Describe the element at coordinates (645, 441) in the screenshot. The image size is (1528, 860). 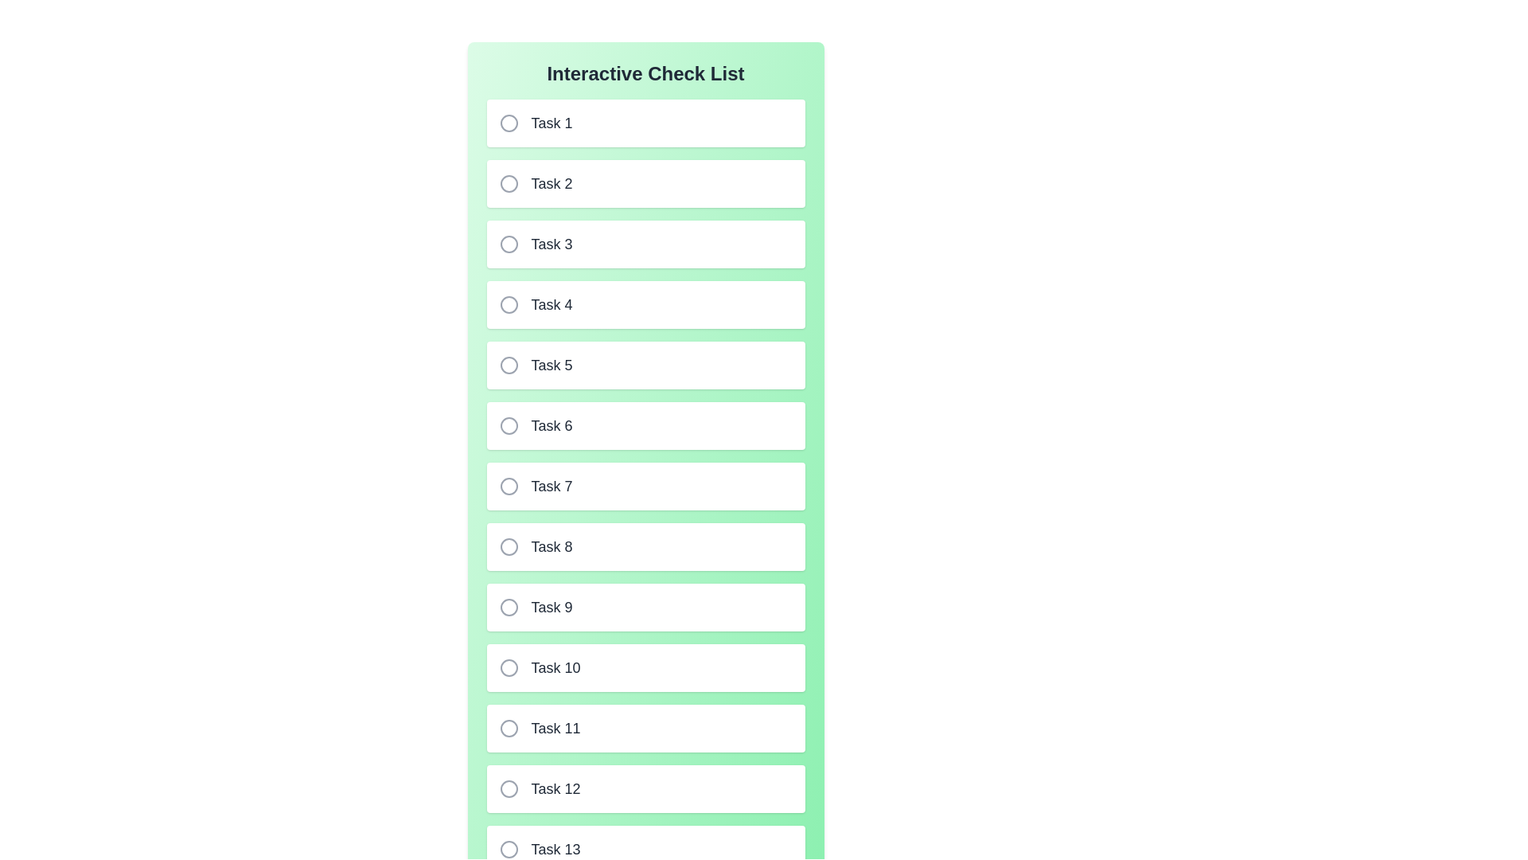
I see `the checklist container background to inspect its styling` at that location.